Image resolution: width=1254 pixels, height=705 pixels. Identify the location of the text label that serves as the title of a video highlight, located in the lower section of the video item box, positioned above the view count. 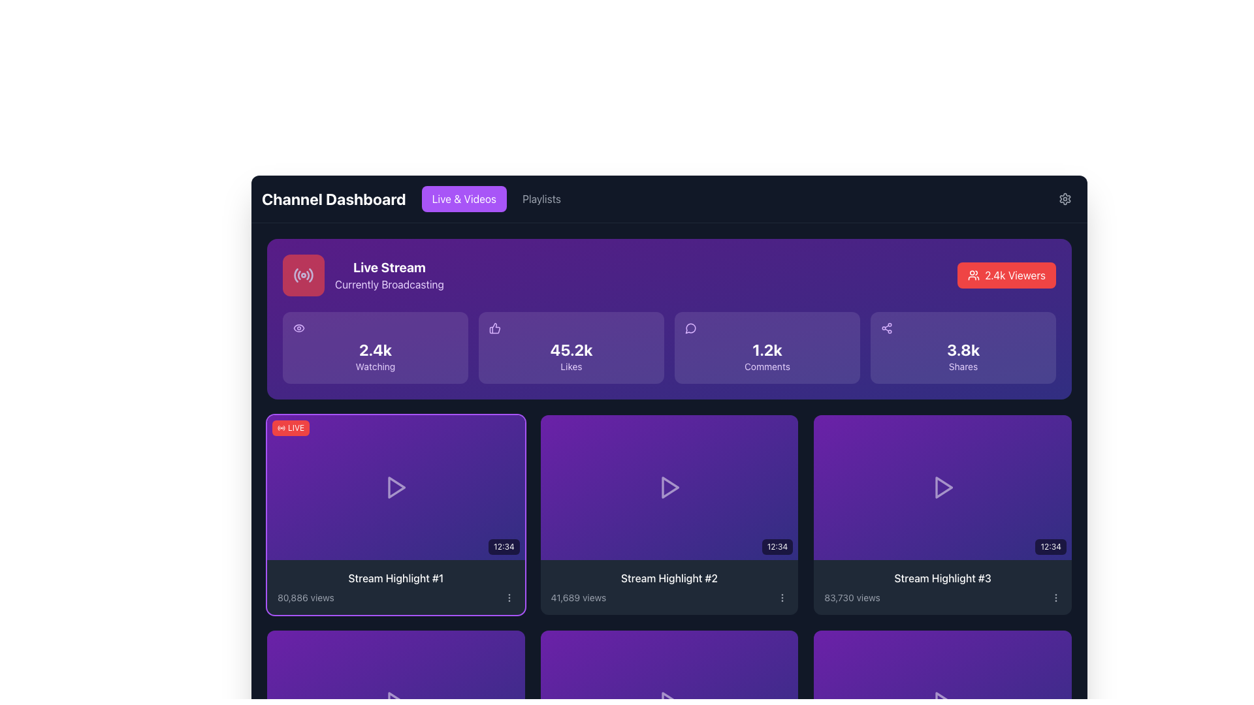
(942, 578).